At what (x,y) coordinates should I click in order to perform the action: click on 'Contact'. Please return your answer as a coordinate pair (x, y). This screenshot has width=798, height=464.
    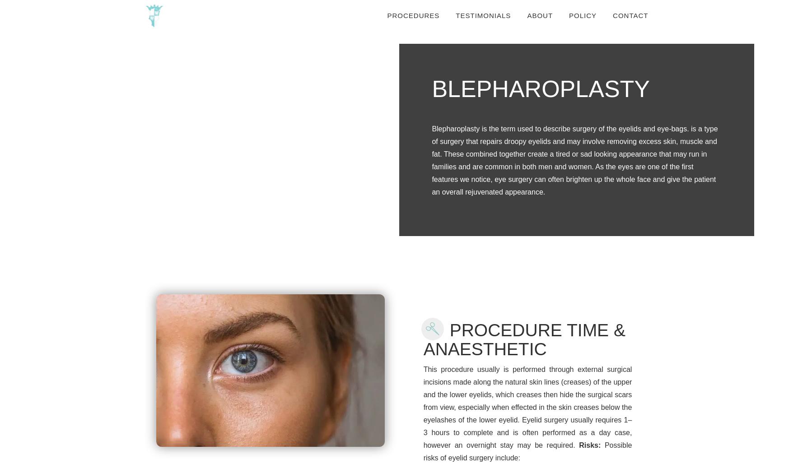
    Looking at the image, I should click on (630, 15).